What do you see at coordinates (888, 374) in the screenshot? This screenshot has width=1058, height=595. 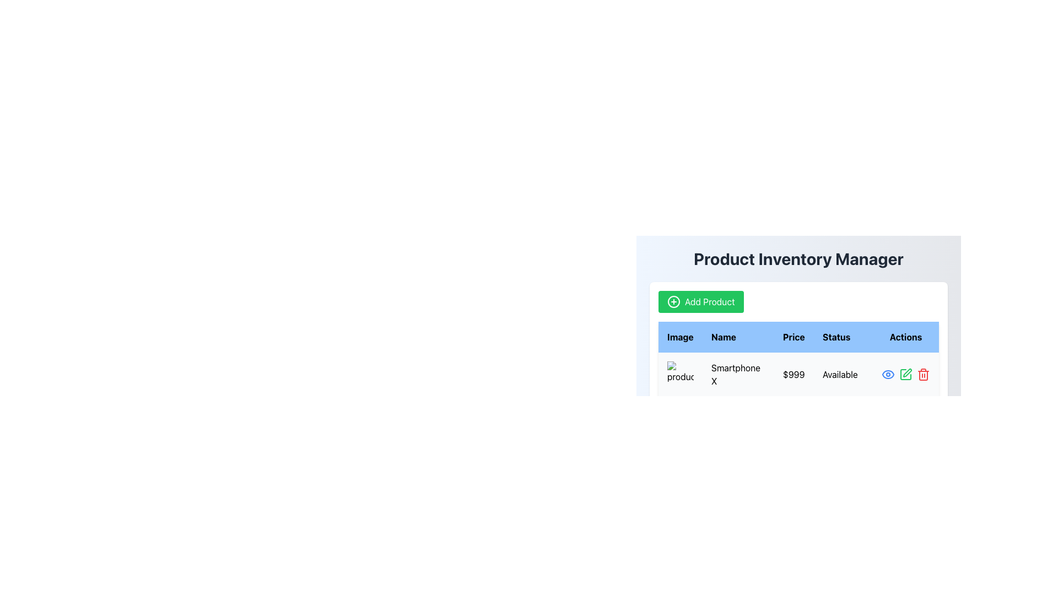 I see `the eye icon button in the 'Actions' column of the 'Product Inventory Manager' for the product 'Smartphone X' to observe the color change from blue to darker blue` at bounding box center [888, 374].